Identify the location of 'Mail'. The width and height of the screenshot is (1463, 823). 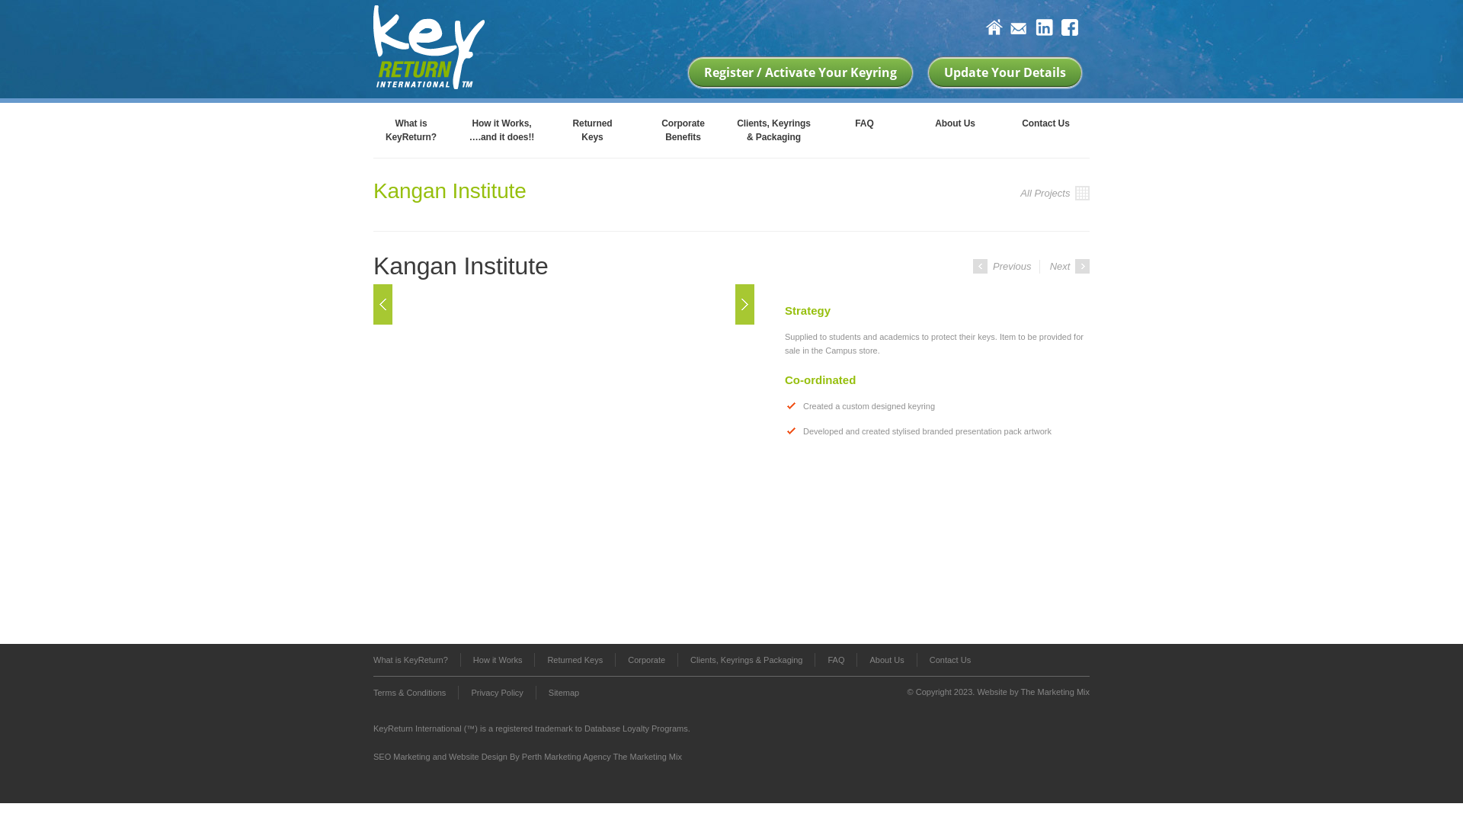
(1019, 30).